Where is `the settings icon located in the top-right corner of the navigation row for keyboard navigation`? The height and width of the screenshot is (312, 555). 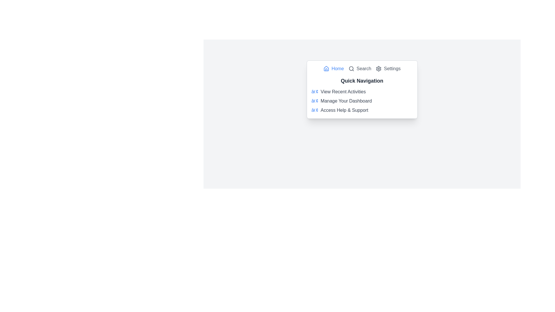 the settings icon located in the top-right corner of the navigation row for keyboard navigation is located at coordinates (379, 68).